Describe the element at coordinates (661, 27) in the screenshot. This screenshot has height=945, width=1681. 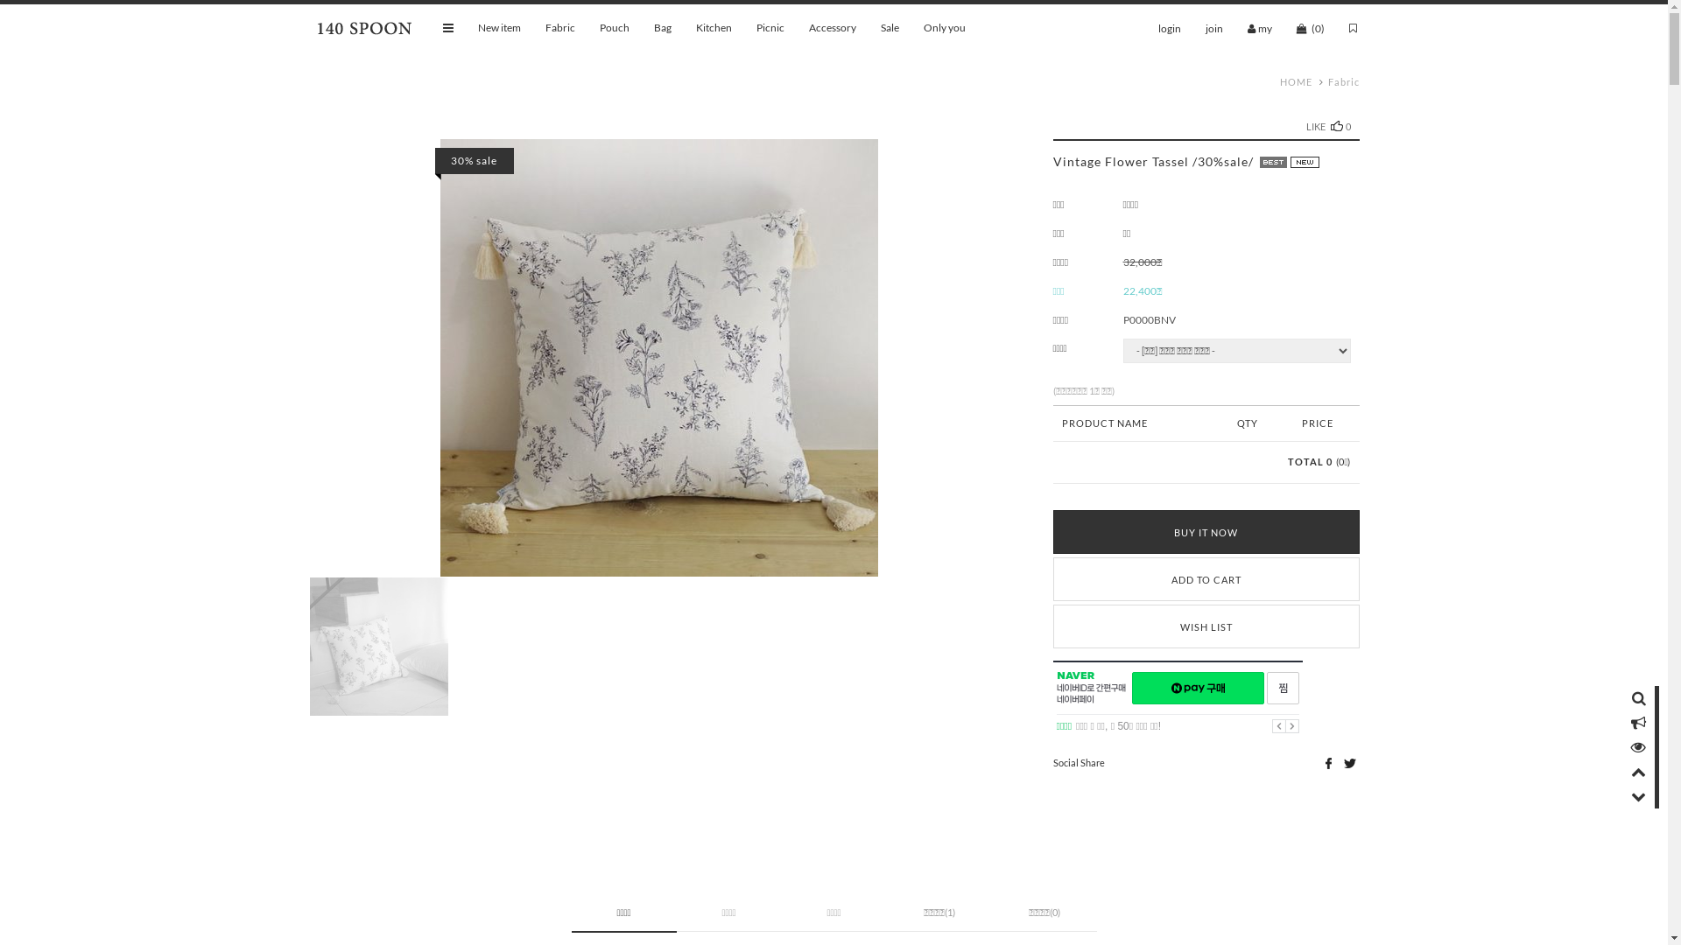
I see `'Bag'` at that location.